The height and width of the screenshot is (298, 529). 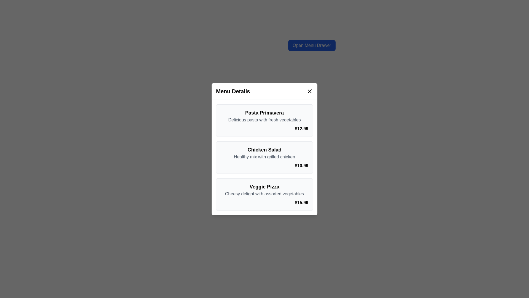 I want to click on the 'Veggie Pizza' information card, so click(x=264, y=194).